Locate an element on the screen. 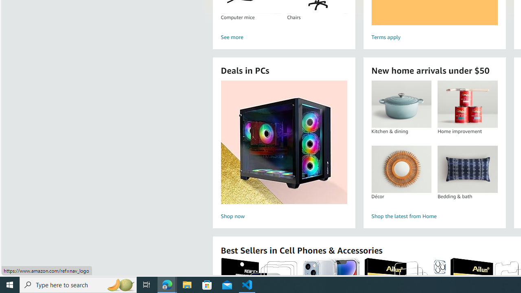  'Kitchen & dining' is located at coordinates (401, 104).